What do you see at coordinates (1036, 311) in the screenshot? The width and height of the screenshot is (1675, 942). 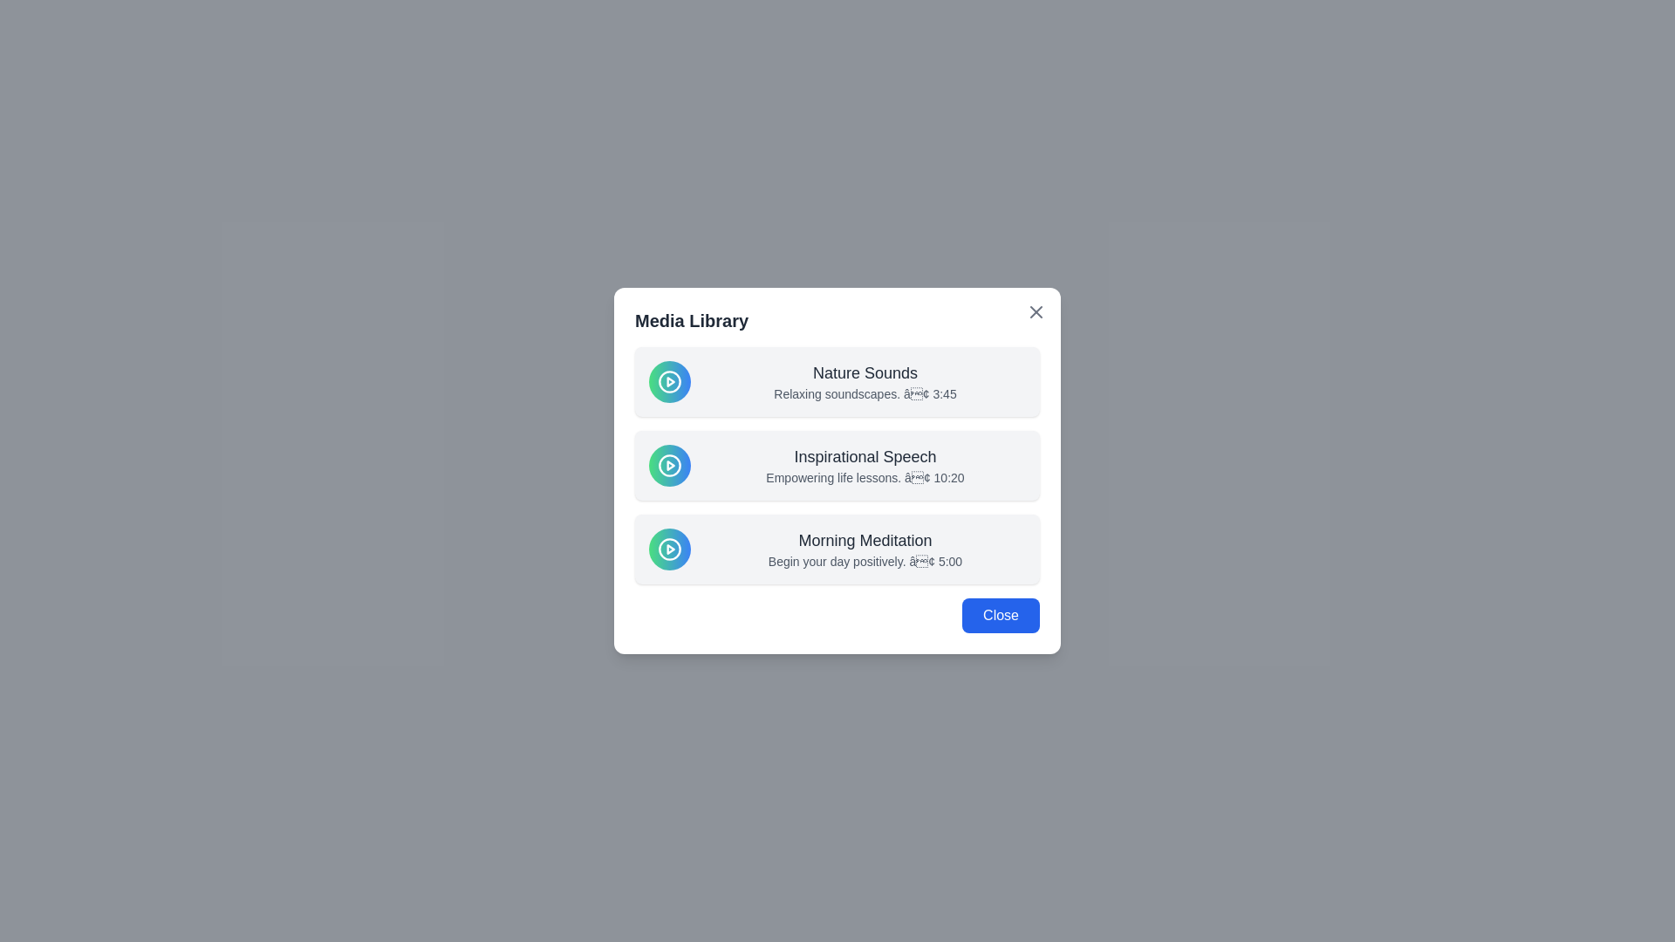 I see `close button in the top-right corner of the dialog` at bounding box center [1036, 311].